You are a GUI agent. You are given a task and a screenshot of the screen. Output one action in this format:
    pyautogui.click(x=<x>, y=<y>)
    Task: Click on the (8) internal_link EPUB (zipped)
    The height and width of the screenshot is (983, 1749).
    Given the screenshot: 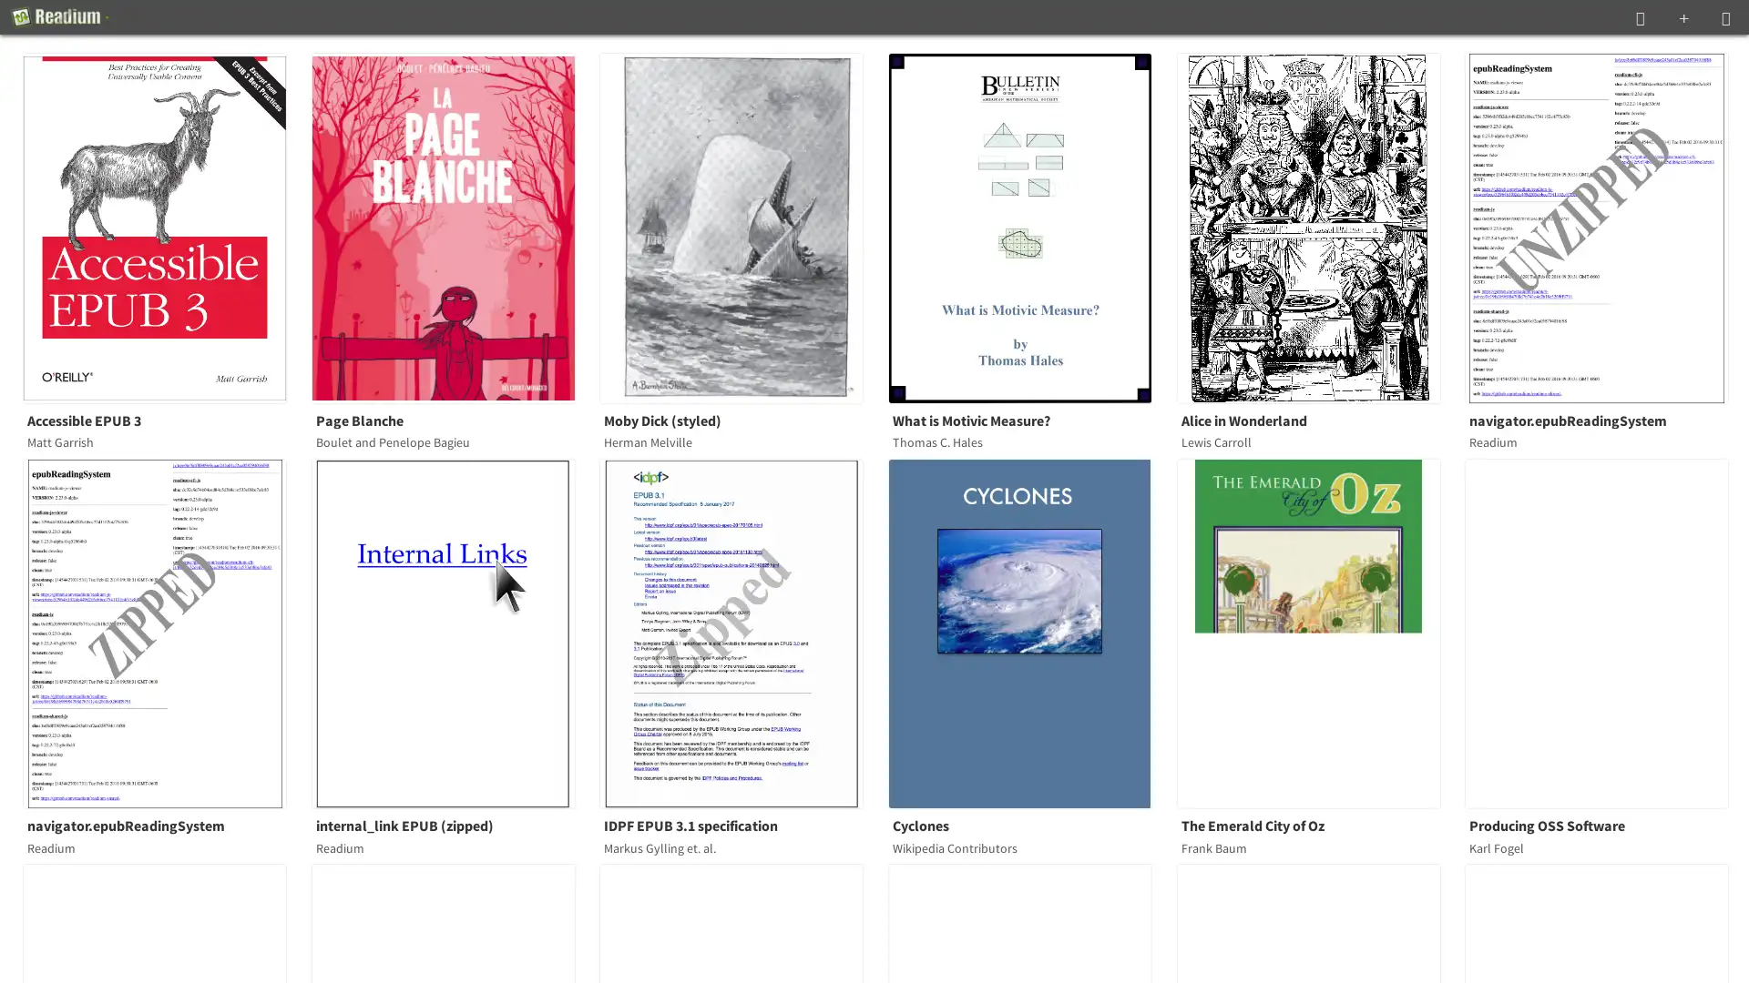 What is the action you would take?
    pyautogui.click(x=454, y=632)
    